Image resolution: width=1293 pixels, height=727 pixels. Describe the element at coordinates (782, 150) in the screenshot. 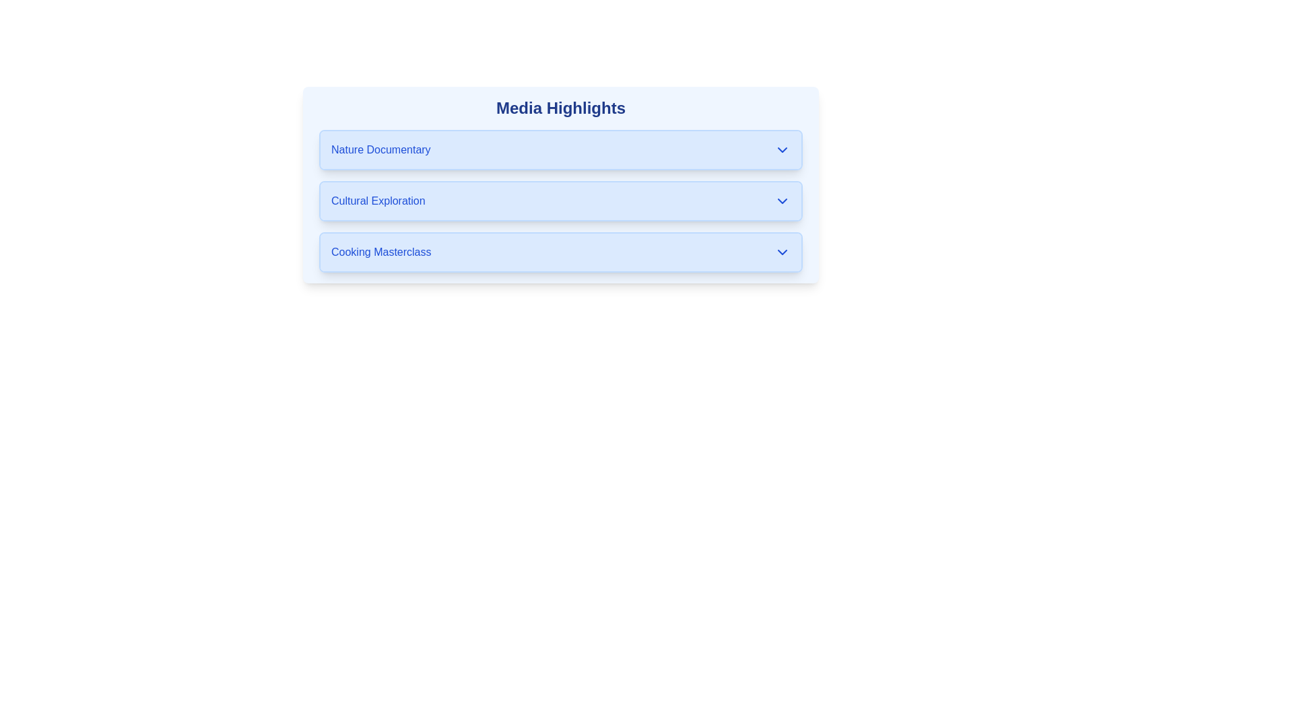

I see `the Chevron Down Icon located at the right edge of the 'Nature Documentary' section` at that location.